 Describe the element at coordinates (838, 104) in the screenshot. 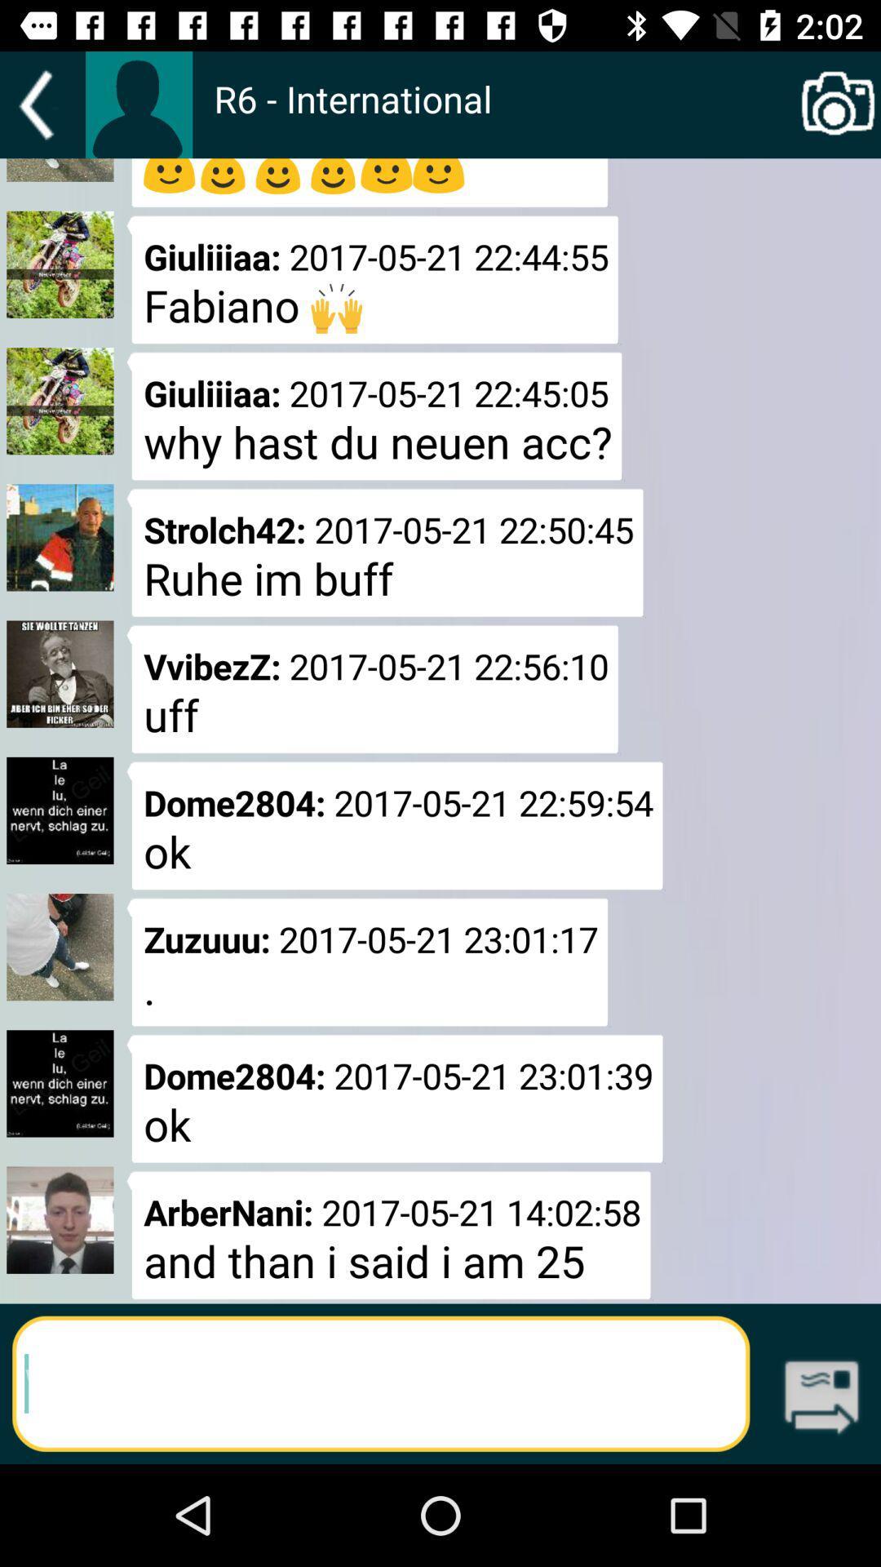

I see `the item to the right of r6 - international app` at that location.